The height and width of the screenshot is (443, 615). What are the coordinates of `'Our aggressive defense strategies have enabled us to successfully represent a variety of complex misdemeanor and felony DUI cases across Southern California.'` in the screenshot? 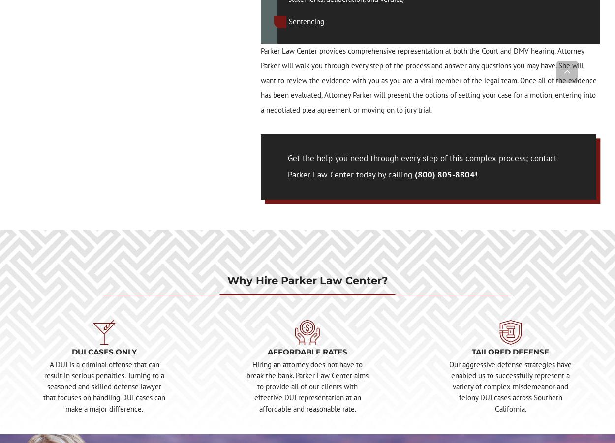 It's located at (510, 385).